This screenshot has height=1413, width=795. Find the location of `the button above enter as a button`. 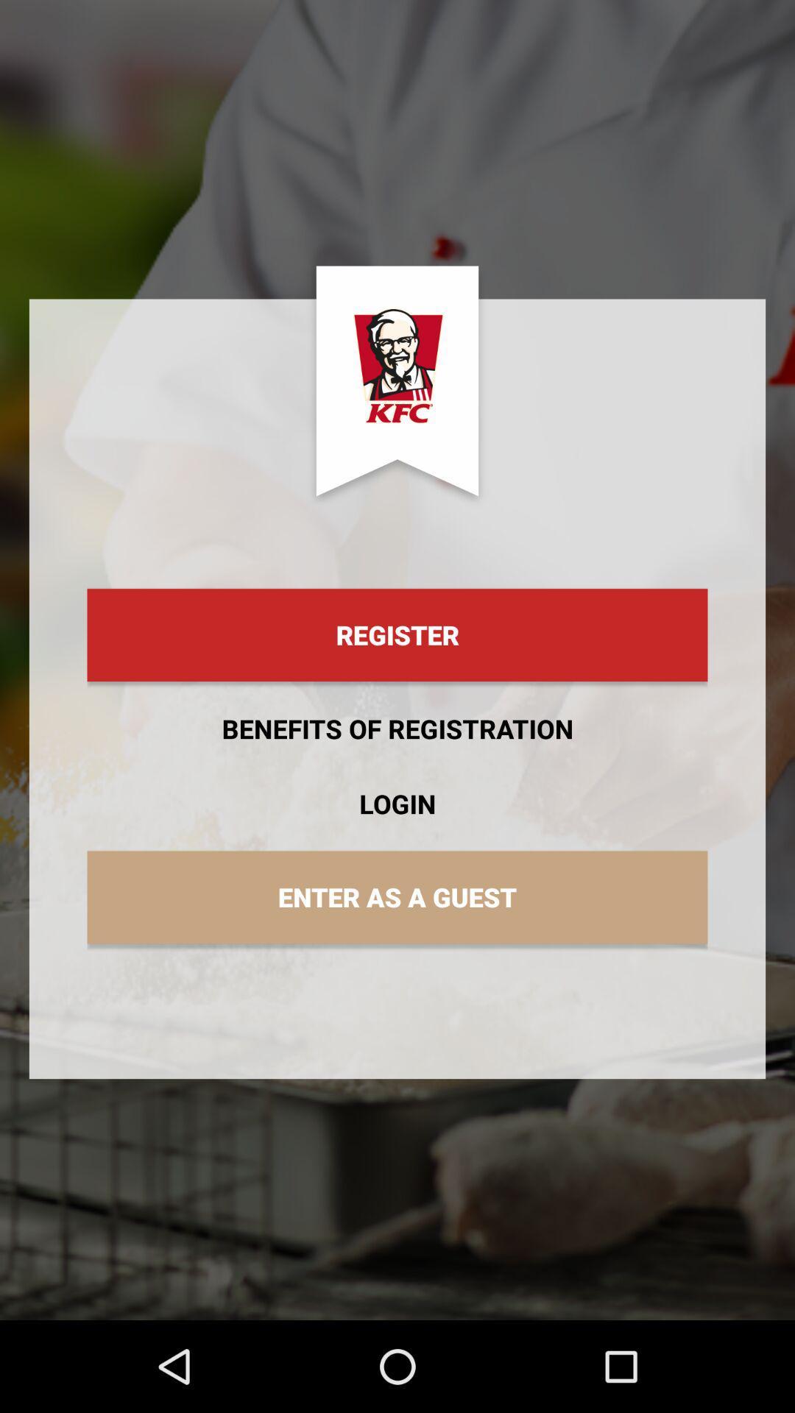

the button above enter as a button is located at coordinates (397, 803).